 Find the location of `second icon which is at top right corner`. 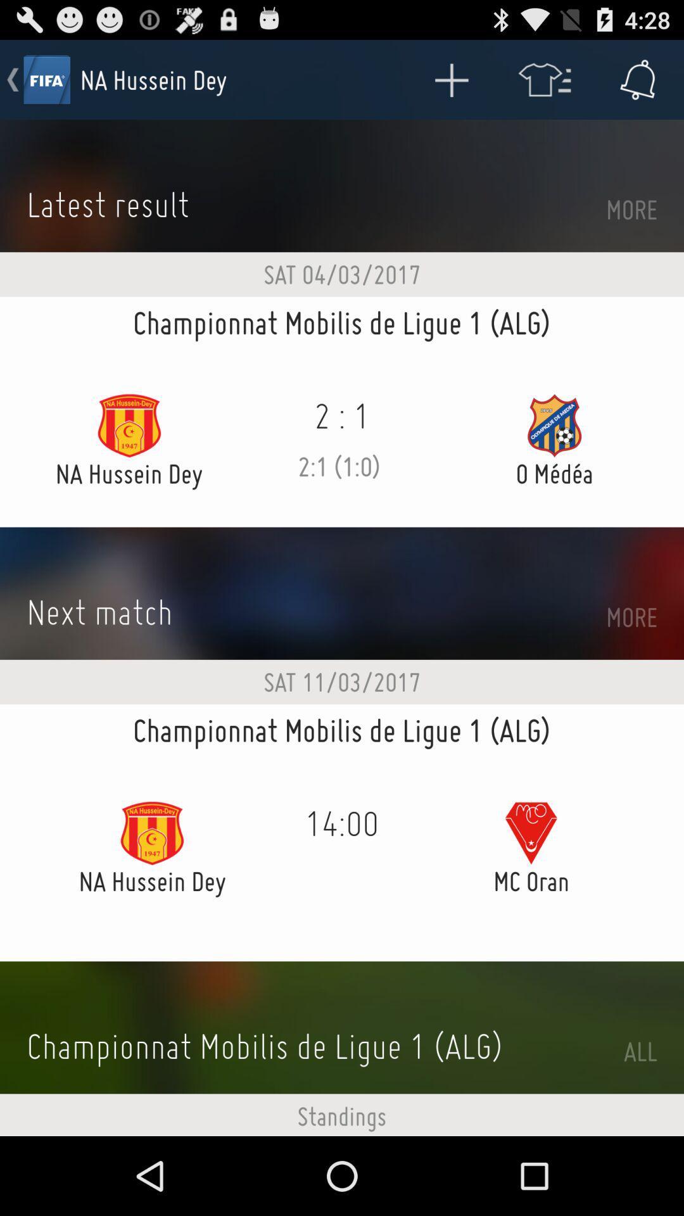

second icon which is at top right corner is located at coordinates (543, 79).